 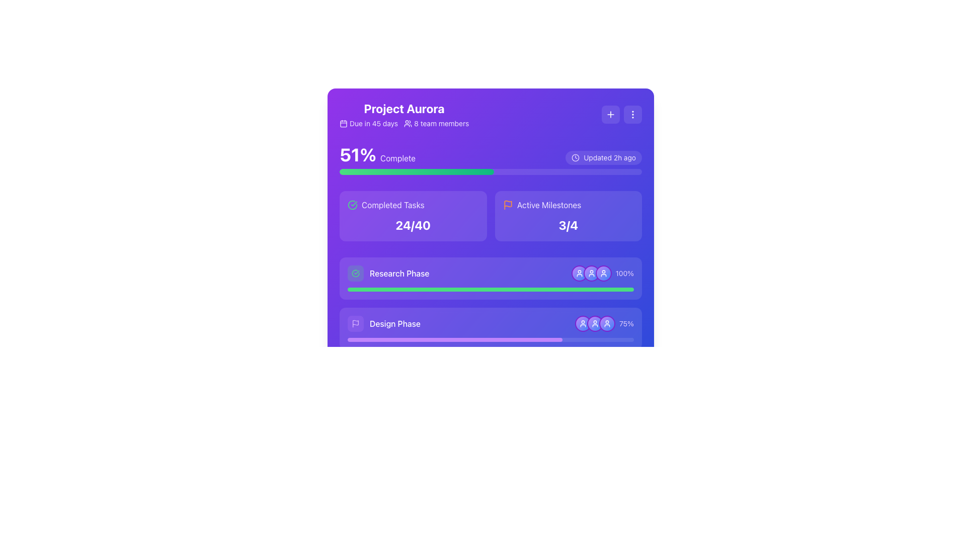 I want to click on the button located at the top-right corner of the 'Project Aurora' card to change its background color, so click(x=632, y=114).